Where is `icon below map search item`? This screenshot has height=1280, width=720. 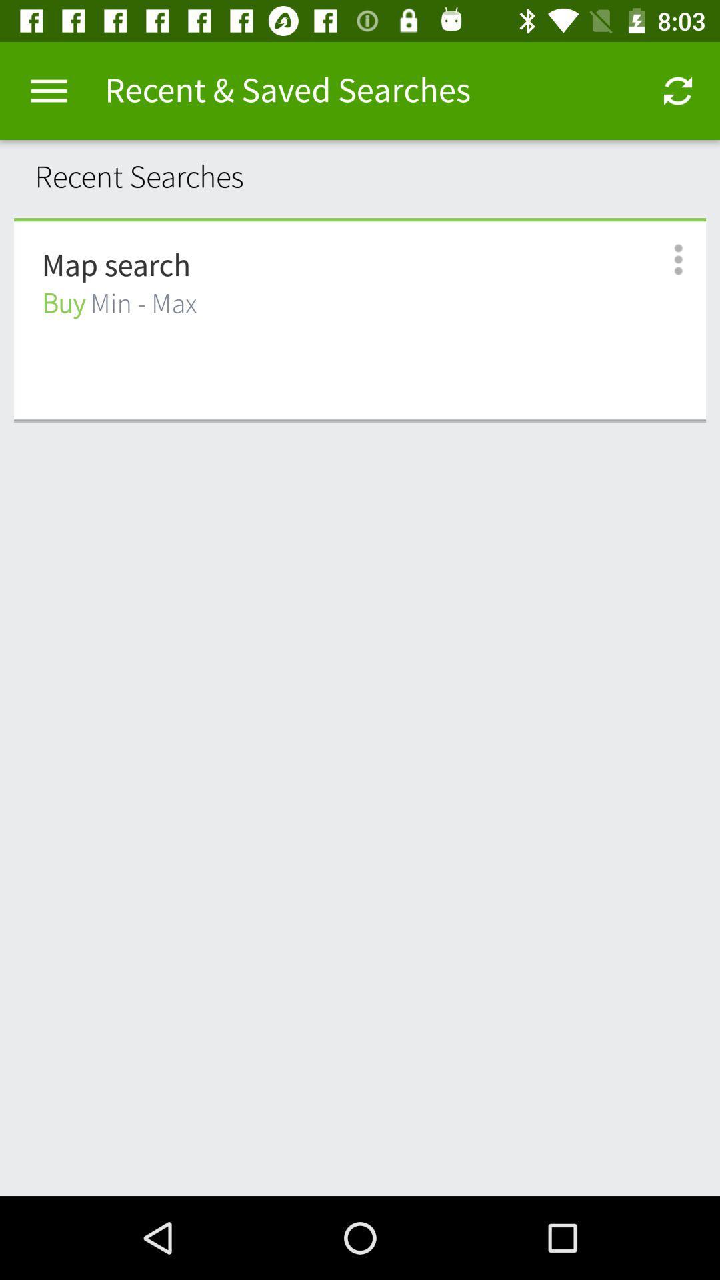 icon below map search item is located at coordinates (119, 303).